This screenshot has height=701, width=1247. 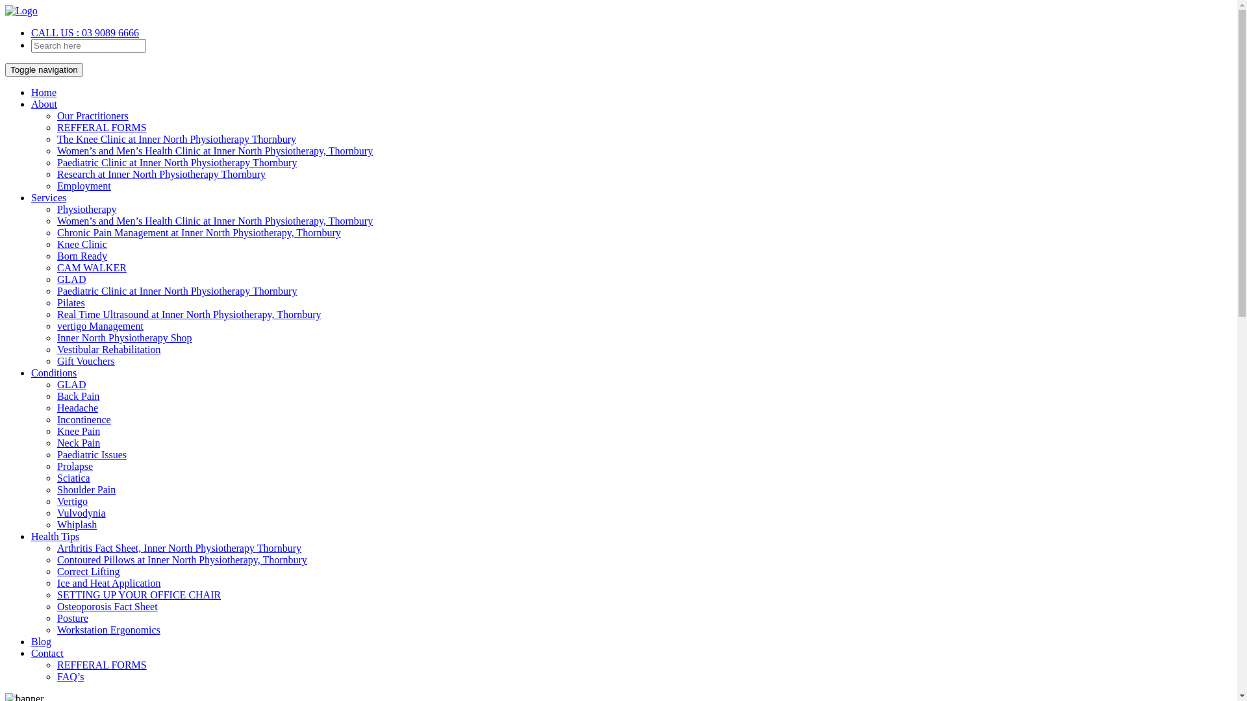 What do you see at coordinates (5, 69) in the screenshot?
I see `'Toggle navigation'` at bounding box center [5, 69].